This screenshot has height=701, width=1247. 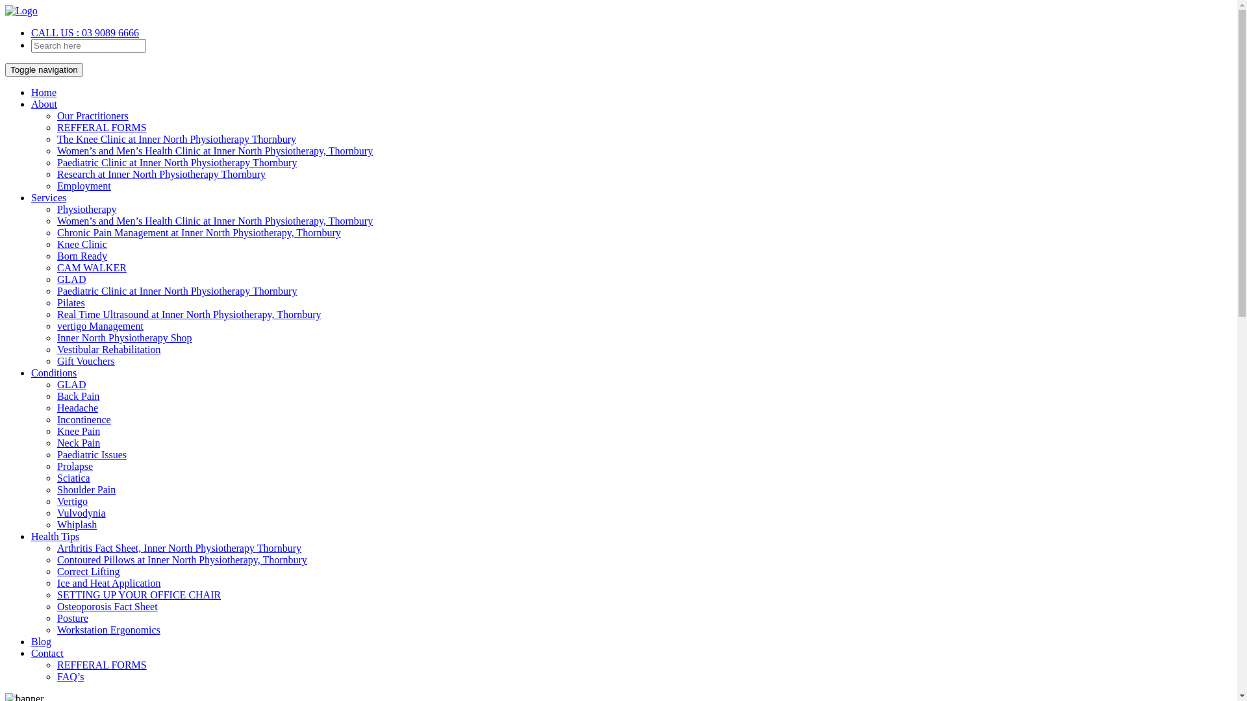 What do you see at coordinates (5, 69) in the screenshot?
I see `'Toggle navigation'` at bounding box center [5, 69].